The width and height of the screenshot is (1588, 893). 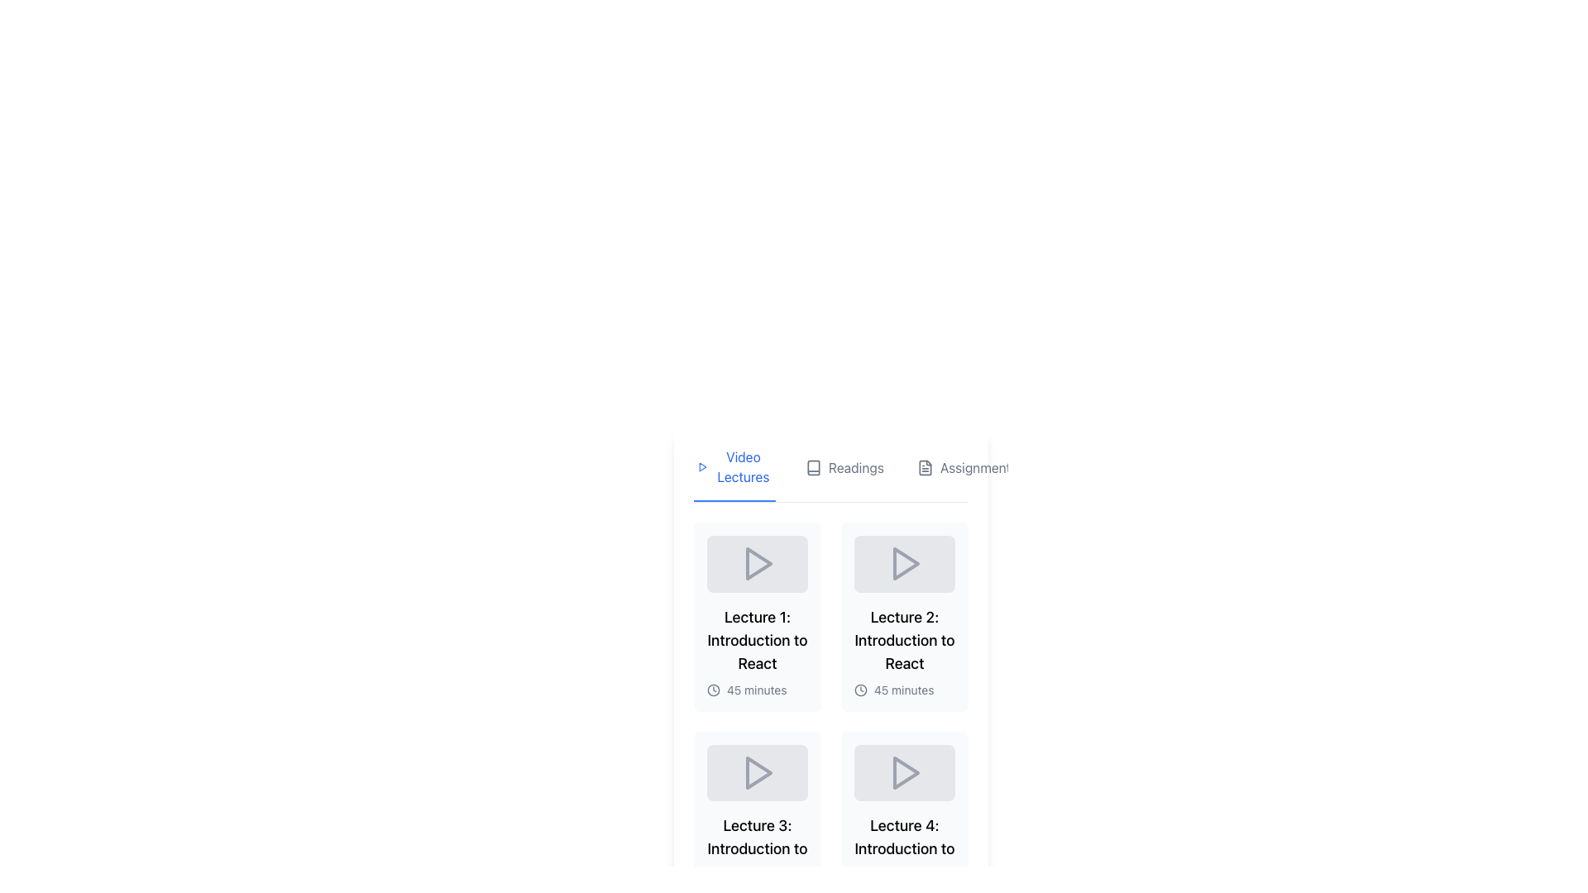 What do you see at coordinates (904, 563) in the screenshot?
I see `the video thumbnail representing the first video in the 'Lecture 2: Introduction to React' section` at bounding box center [904, 563].